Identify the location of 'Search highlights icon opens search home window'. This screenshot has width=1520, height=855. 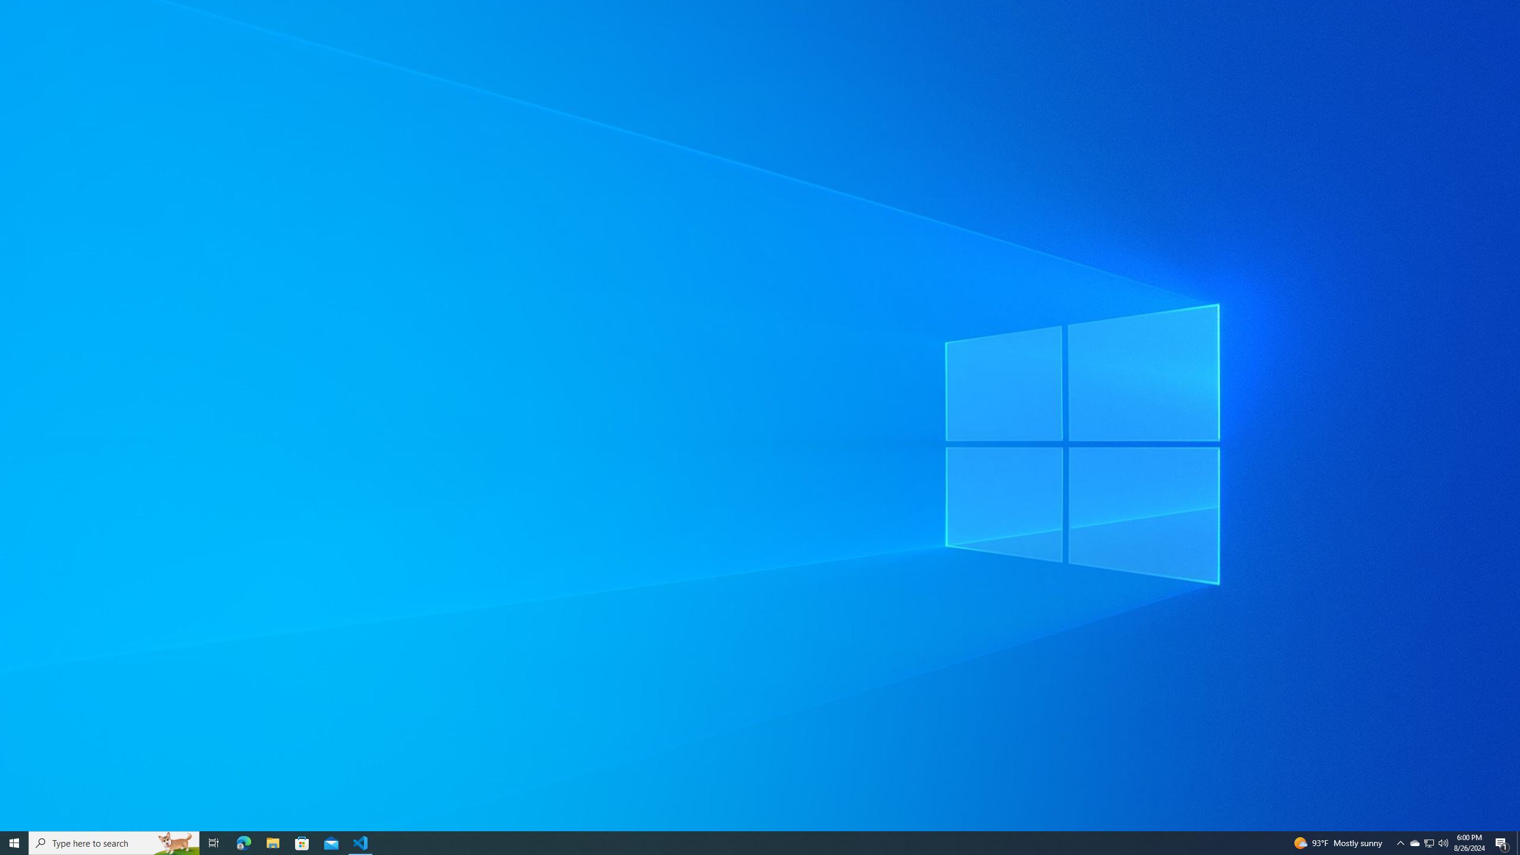
(213, 842).